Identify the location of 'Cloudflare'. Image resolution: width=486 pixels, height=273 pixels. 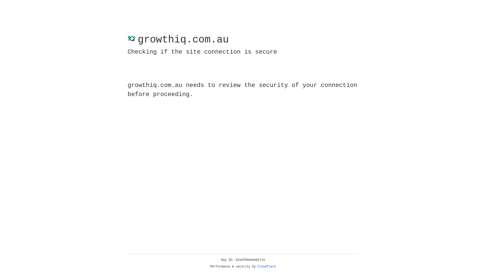
(267, 266).